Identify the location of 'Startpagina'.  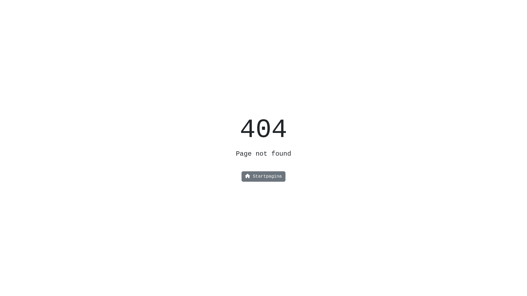
(263, 177).